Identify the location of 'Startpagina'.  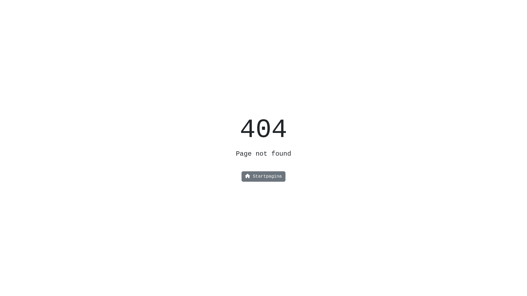
(263, 177).